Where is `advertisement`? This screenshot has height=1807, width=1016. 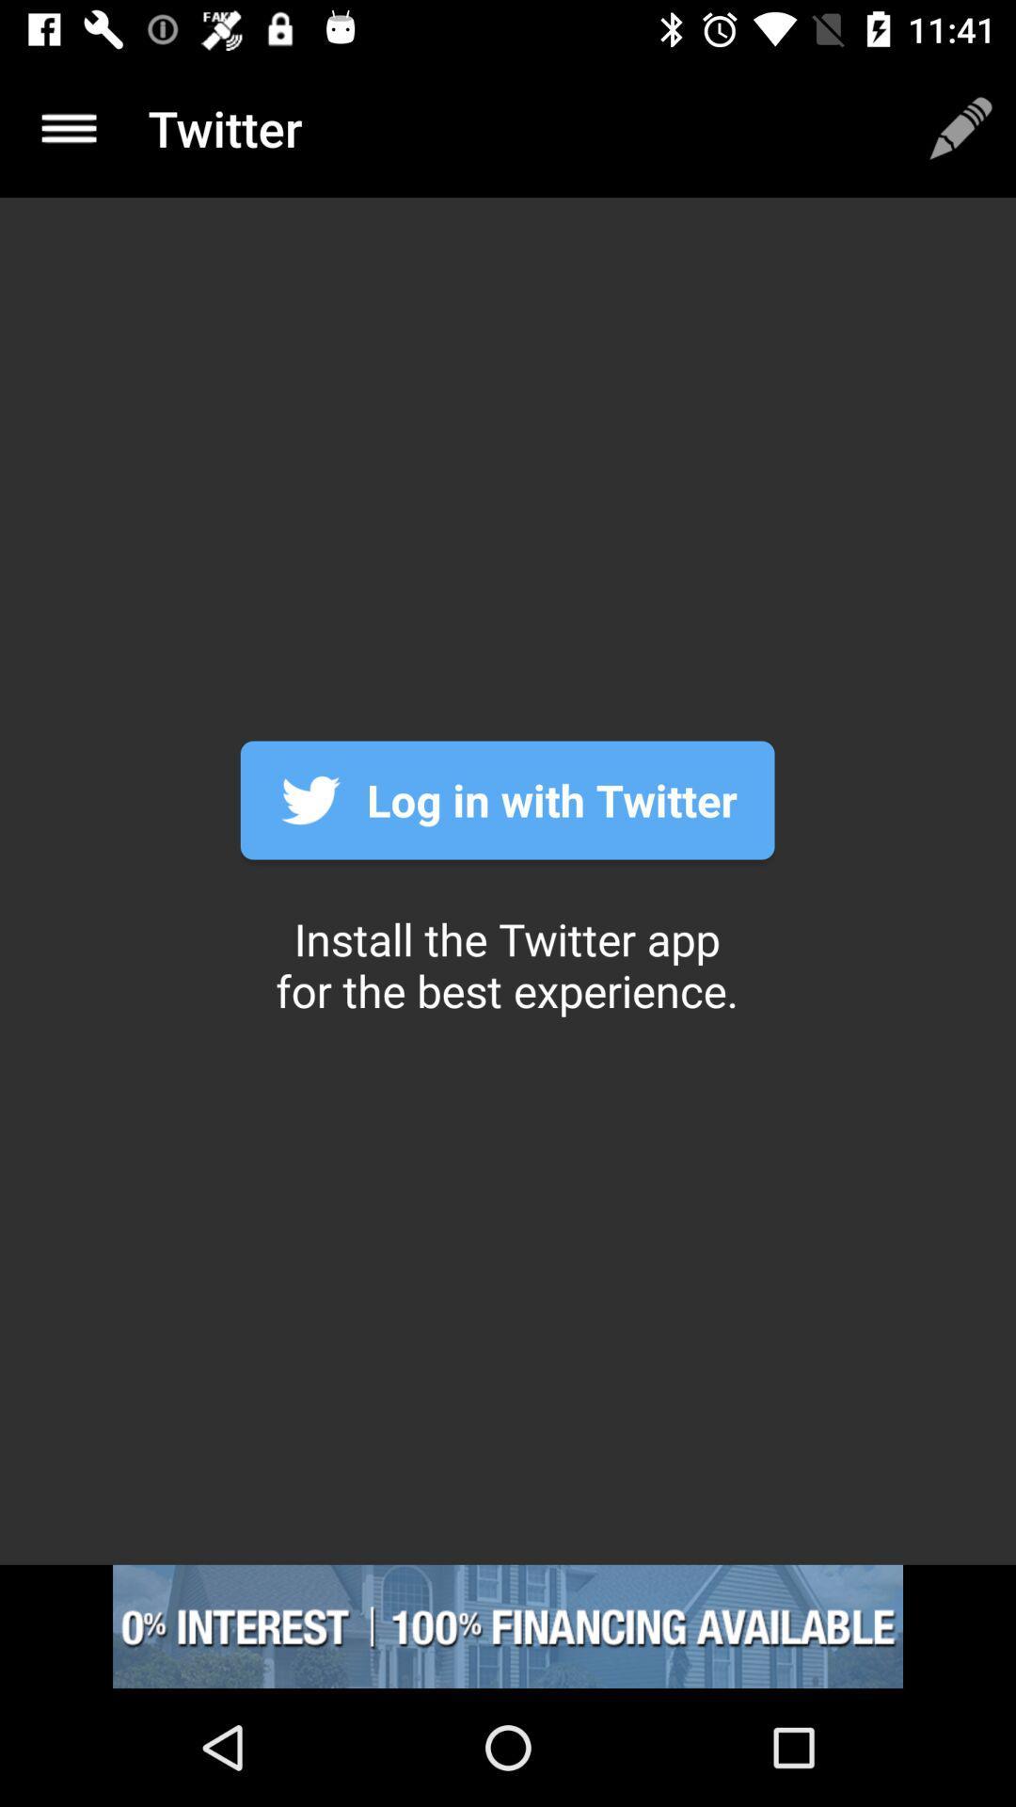
advertisement is located at coordinates (508, 1625).